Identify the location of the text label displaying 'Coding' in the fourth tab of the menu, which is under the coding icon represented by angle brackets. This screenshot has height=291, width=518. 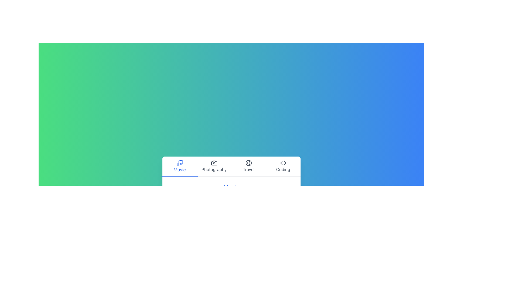
(283, 169).